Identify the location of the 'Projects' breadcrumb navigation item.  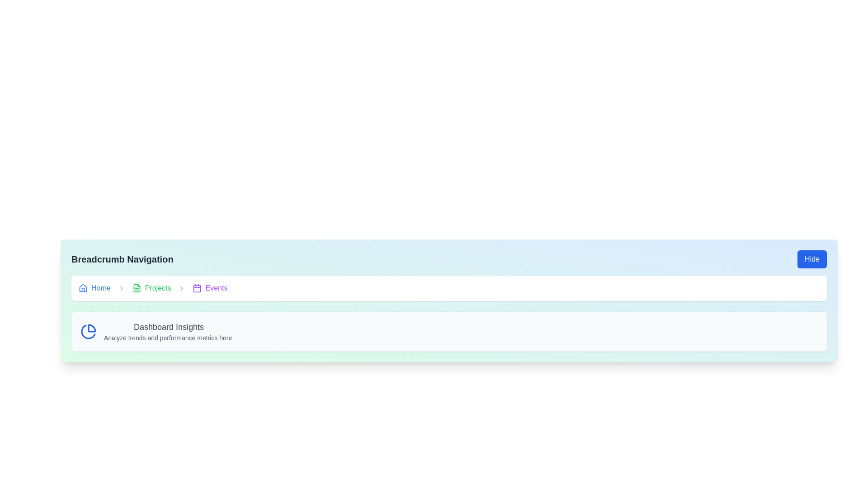
(151, 288).